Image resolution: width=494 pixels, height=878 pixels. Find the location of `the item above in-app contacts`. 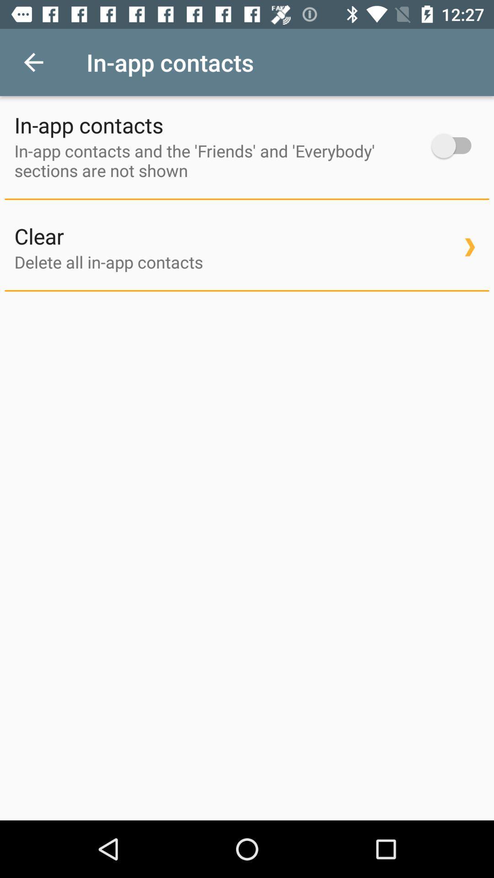

the item above in-app contacts is located at coordinates (33, 62).